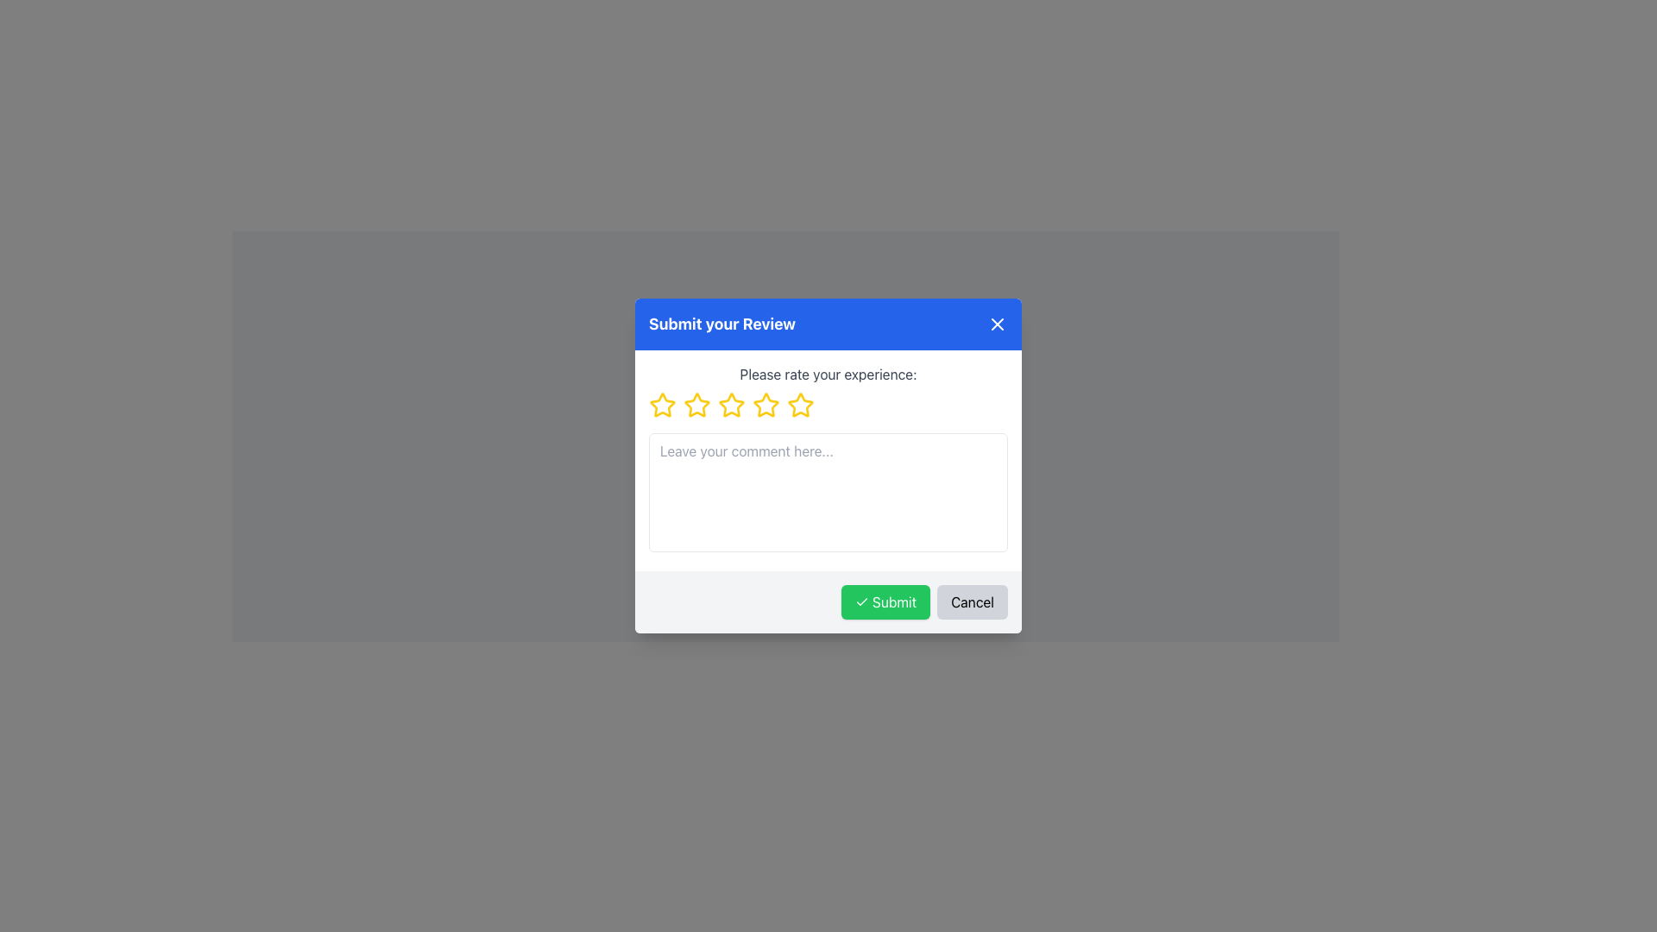 This screenshot has height=932, width=1657. Describe the element at coordinates (828, 374) in the screenshot. I see `the static text instruction that reads 'Please rate your experience:' located in the center of the modal dialog box` at that location.